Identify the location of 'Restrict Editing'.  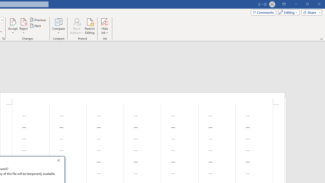
(90, 26).